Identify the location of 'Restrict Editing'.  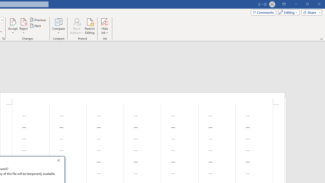
(90, 26).